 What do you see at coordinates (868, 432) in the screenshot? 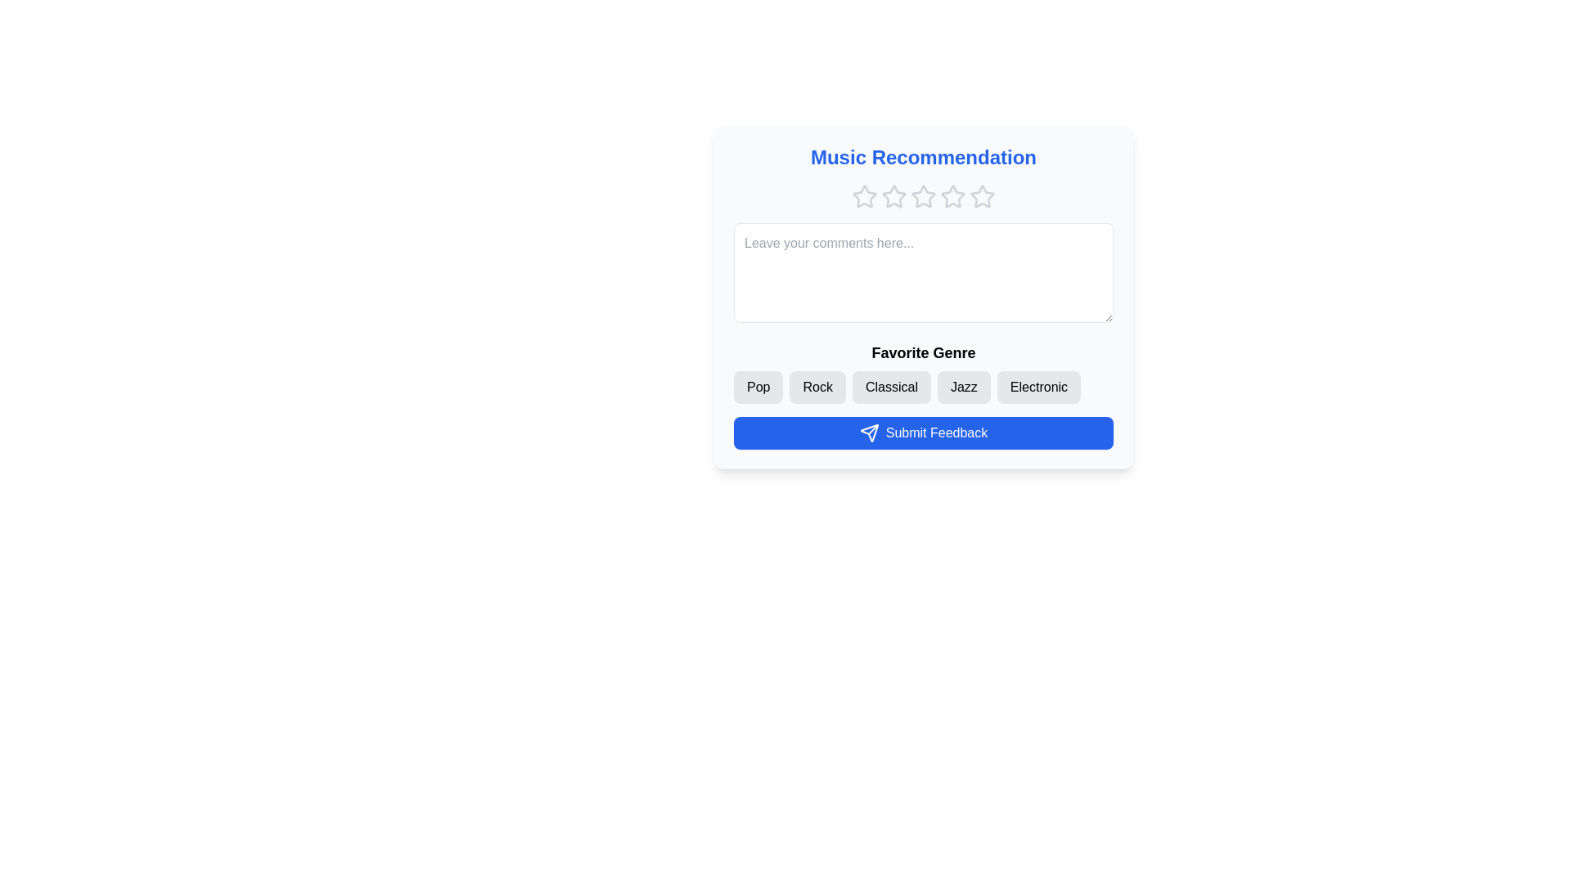
I see `the 'Submit Feedback' icon located to the left of the text on the button, which symbolizes the action of submission or sending feedback` at bounding box center [868, 432].